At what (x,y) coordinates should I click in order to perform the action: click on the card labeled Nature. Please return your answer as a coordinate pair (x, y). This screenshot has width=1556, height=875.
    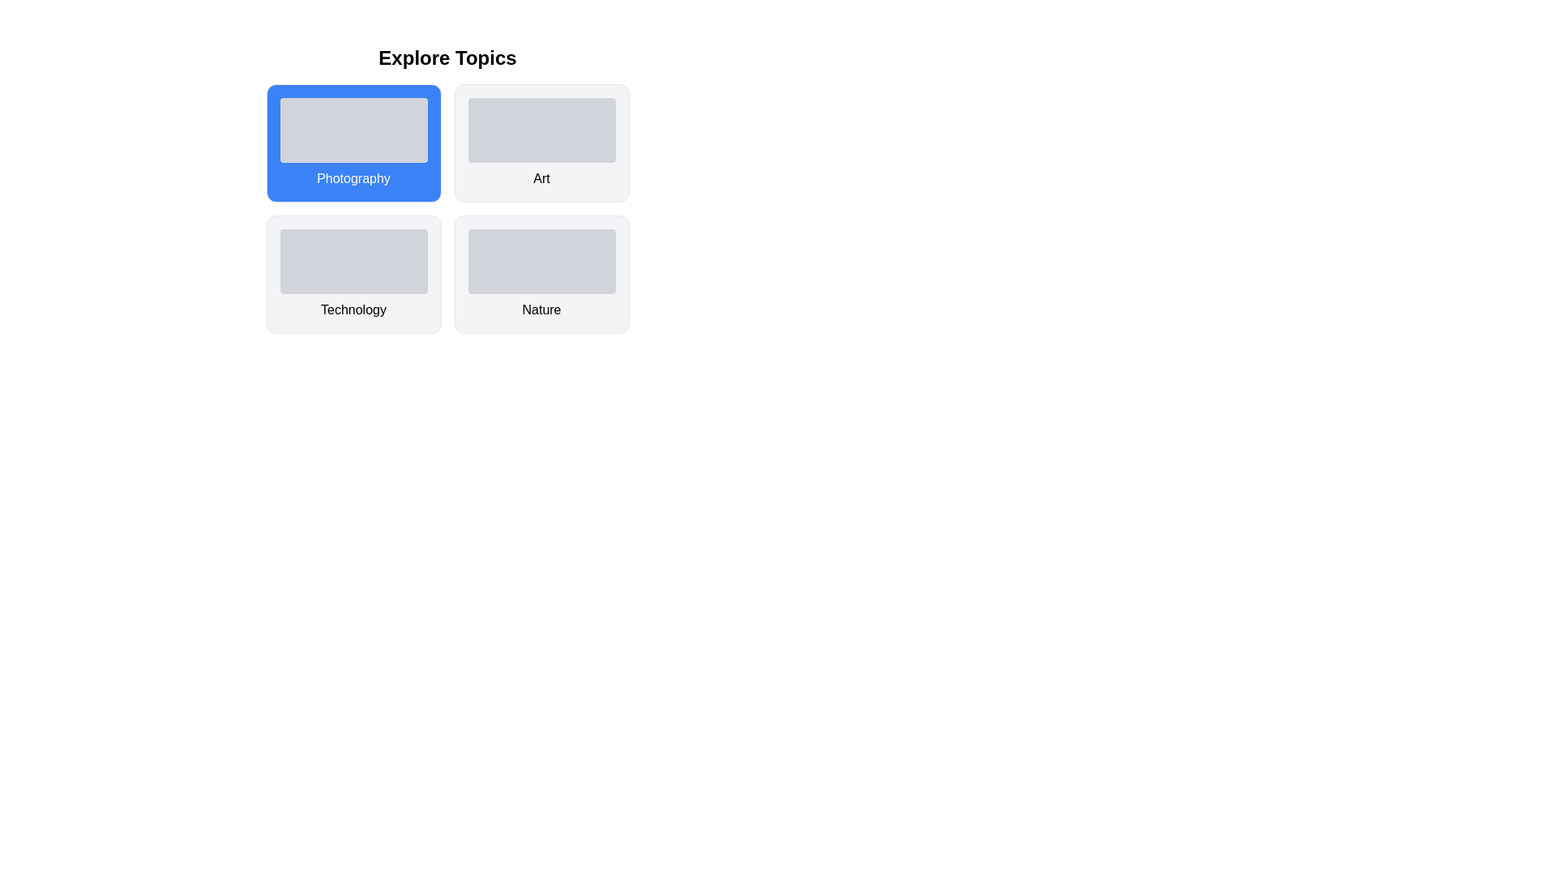
    Looking at the image, I should click on (541, 274).